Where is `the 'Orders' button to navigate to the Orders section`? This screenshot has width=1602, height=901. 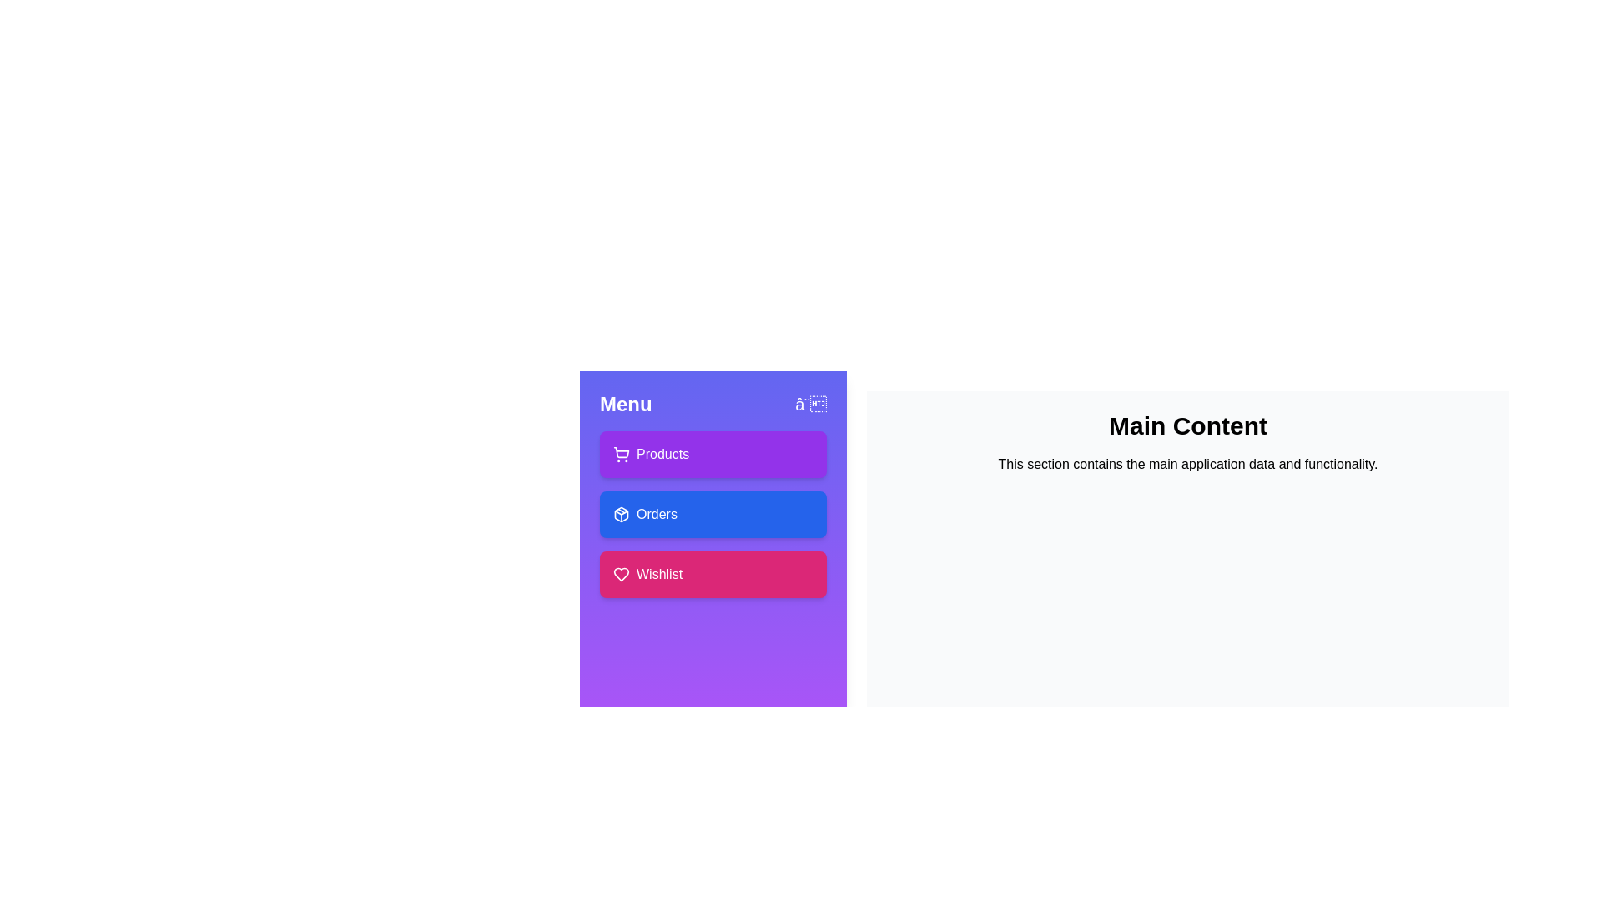
the 'Orders' button to navigate to the Orders section is located at coordinates (713, 514).